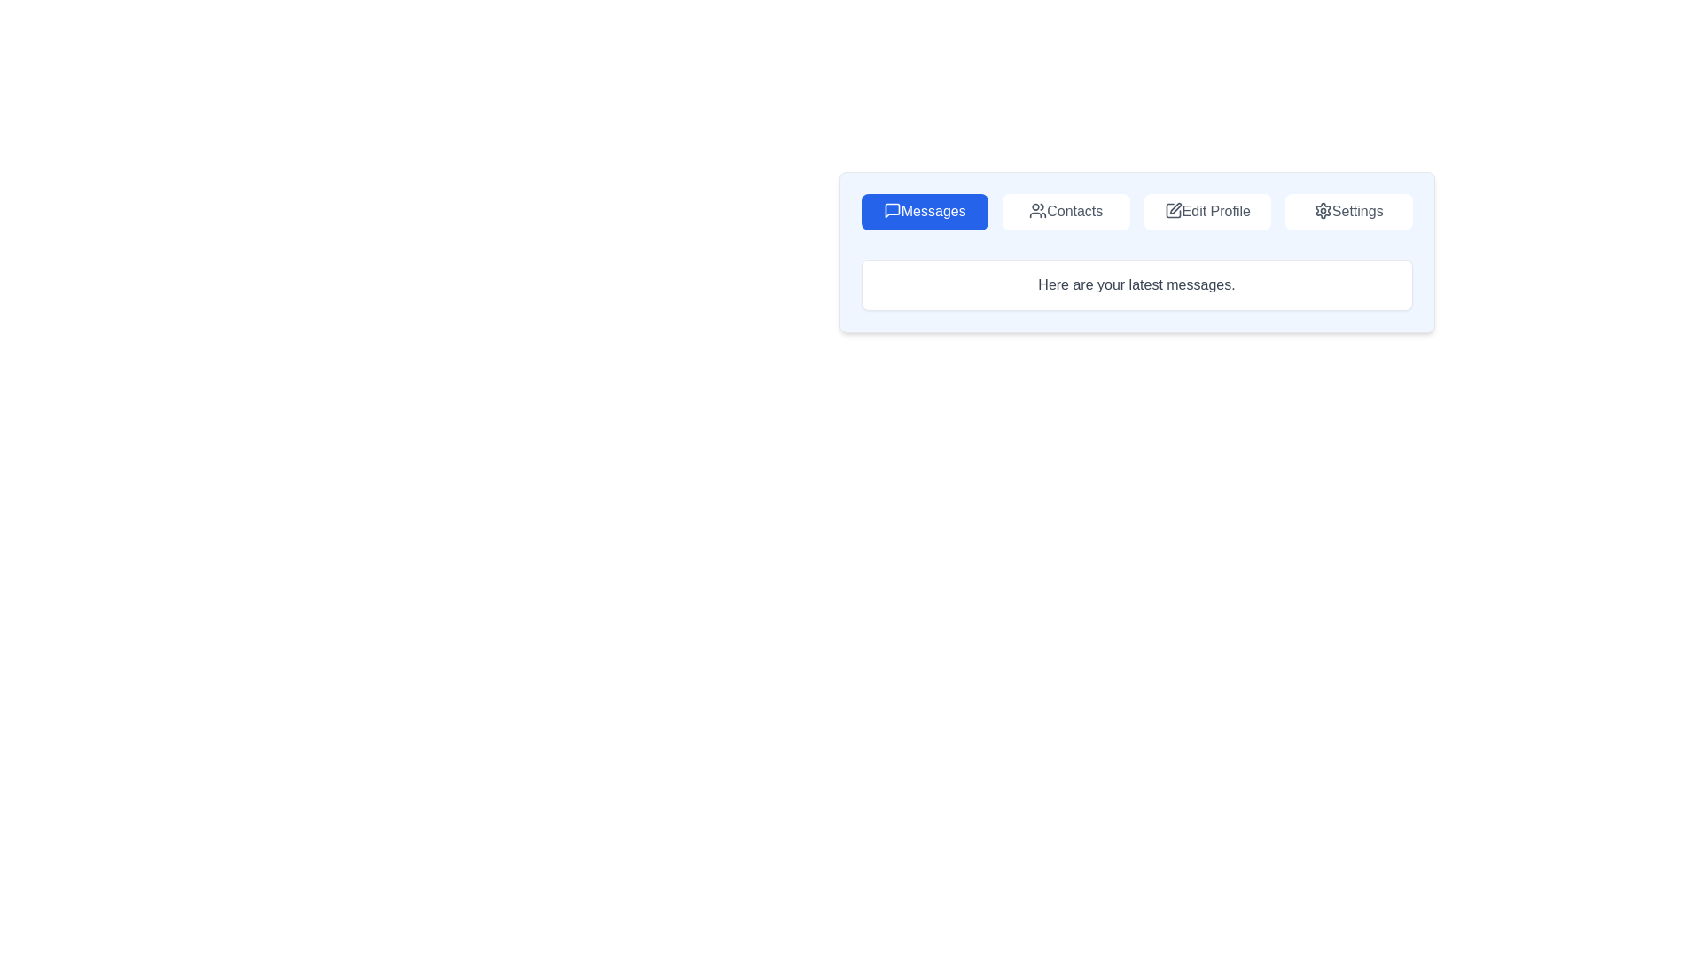  I want to click on the Settings tab, so click(1347, 211).